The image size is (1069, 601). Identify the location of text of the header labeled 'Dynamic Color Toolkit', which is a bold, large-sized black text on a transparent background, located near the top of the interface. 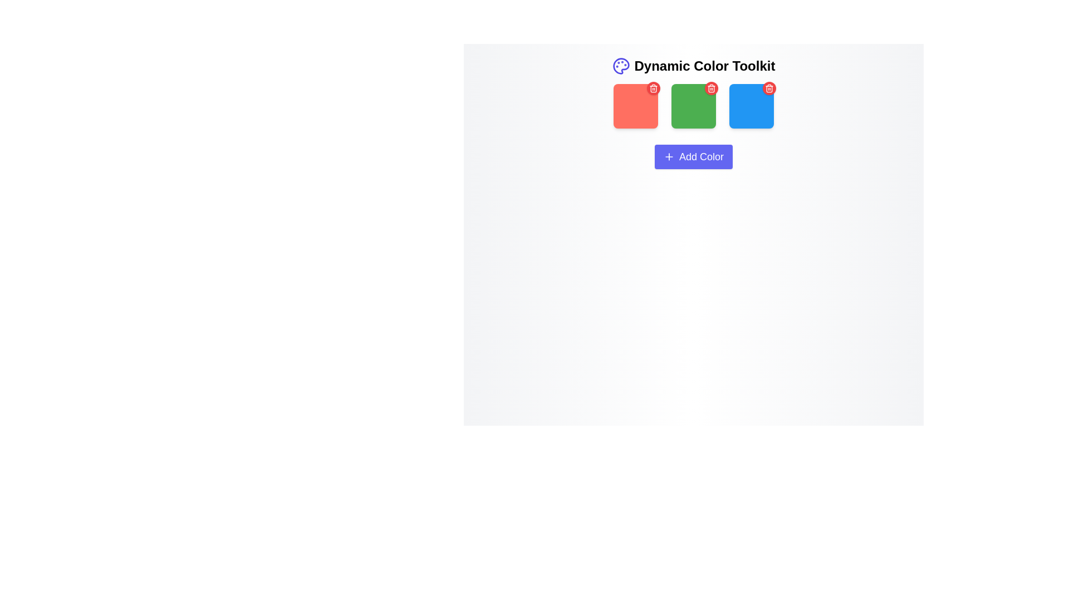
(704, 66).